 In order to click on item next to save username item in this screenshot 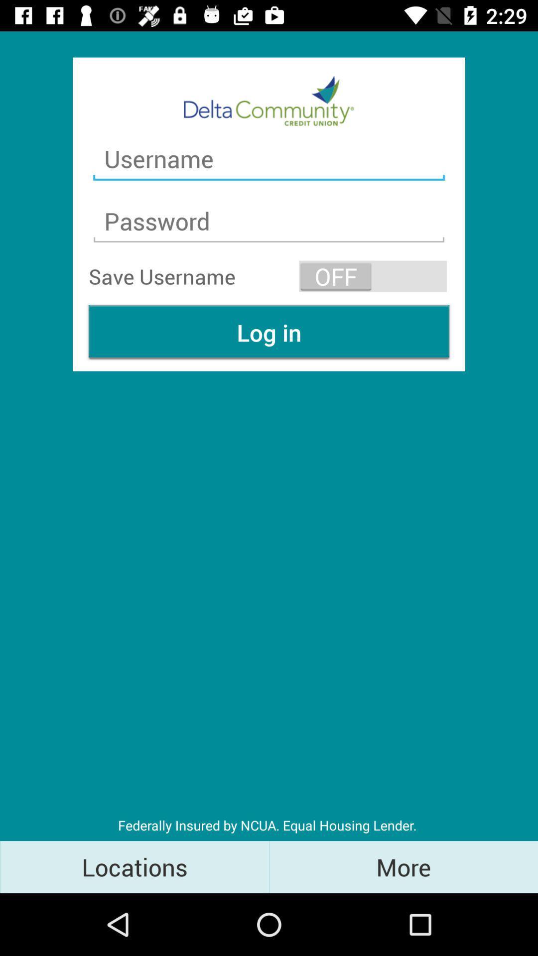, I will do `click(373, 276)`.